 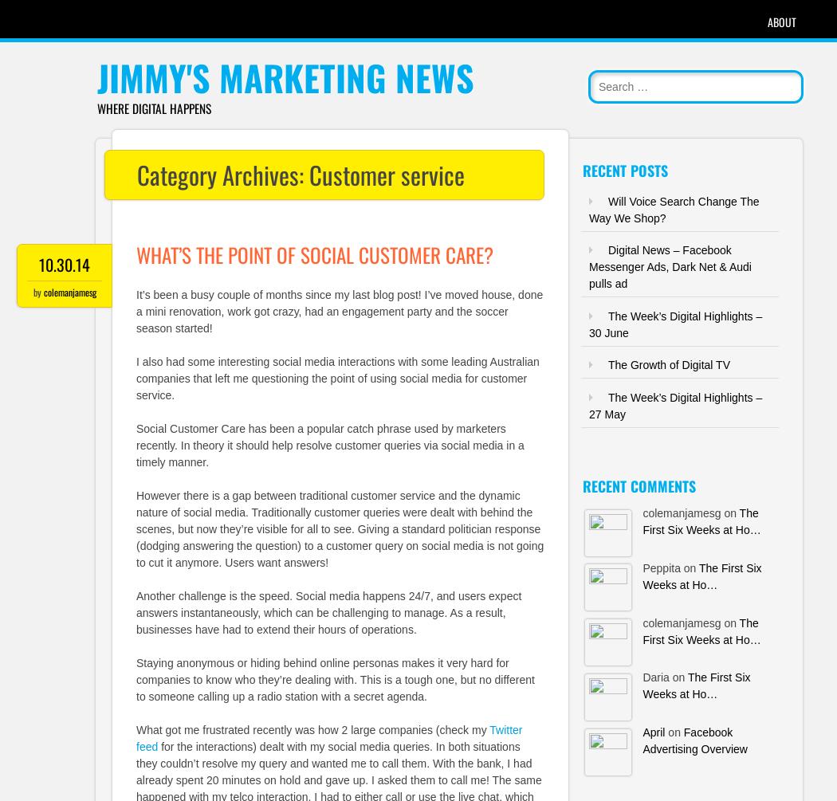 What do you see at coordinates (334, 678) in the screenshot?
I see `'Staying anonymous or hiding behind online personas makes it very hard for companies to know who they’re dealing with. This is a tough one, but no different to someone calling up a radio station with a secret agenda.'` at bounding box center [334, 678].